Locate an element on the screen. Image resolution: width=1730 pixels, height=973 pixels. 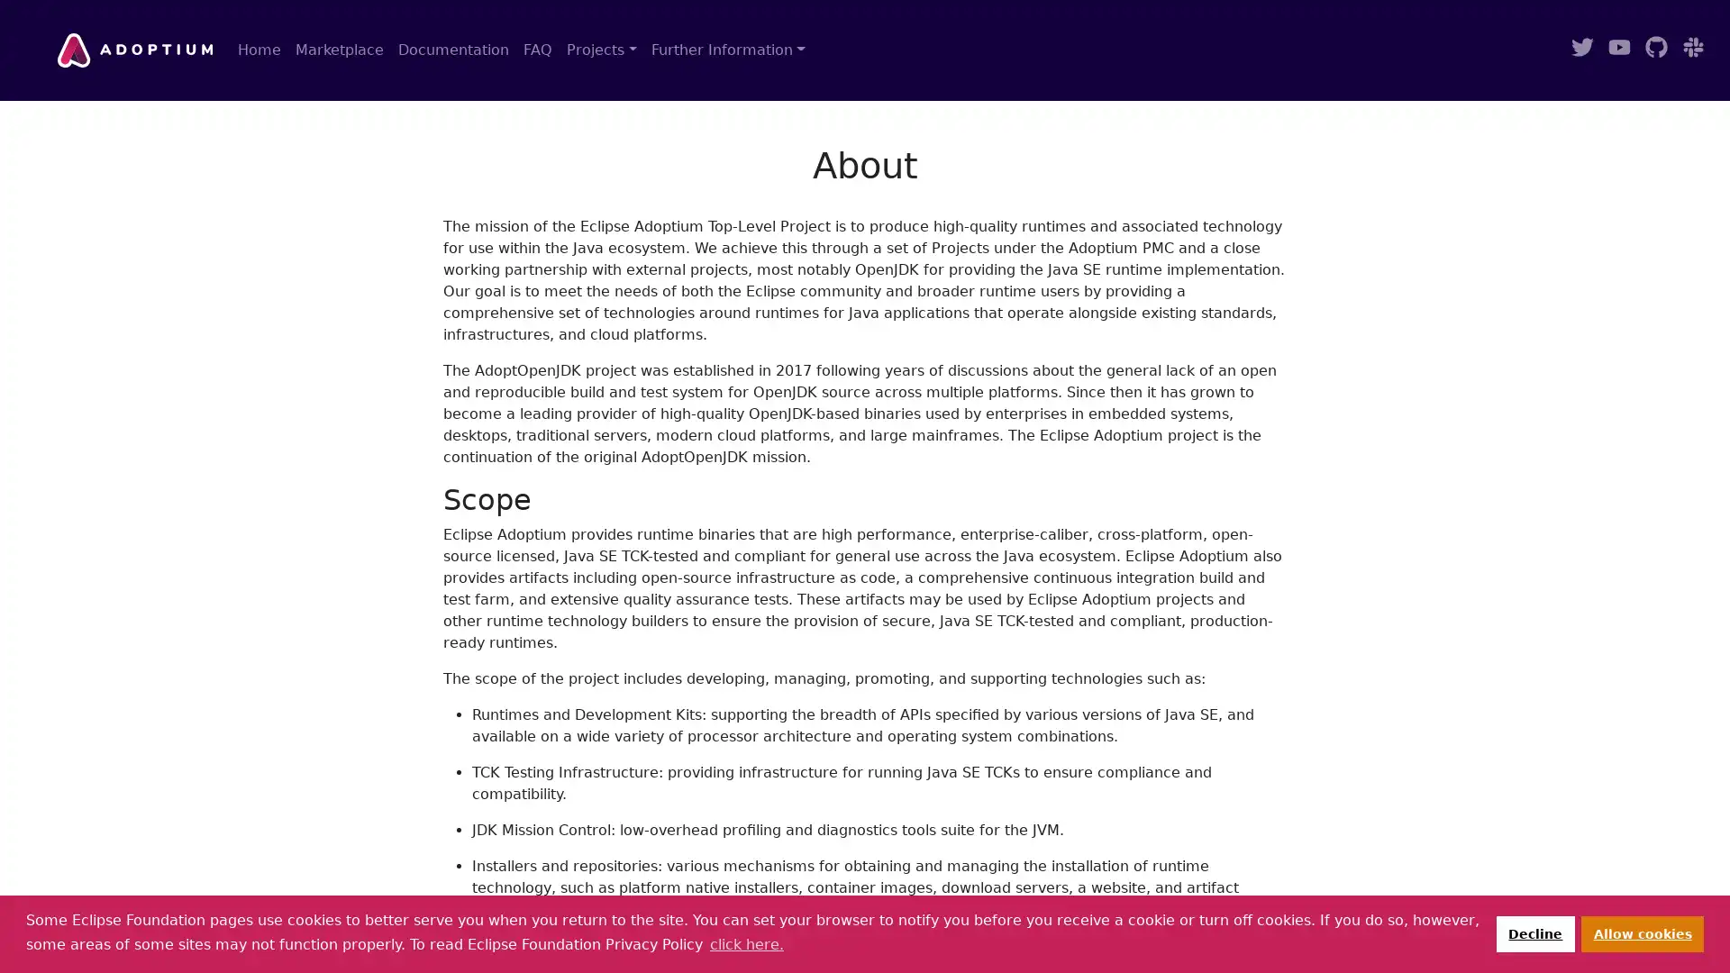
learn more about cookies is located at coordinates (746, 943).